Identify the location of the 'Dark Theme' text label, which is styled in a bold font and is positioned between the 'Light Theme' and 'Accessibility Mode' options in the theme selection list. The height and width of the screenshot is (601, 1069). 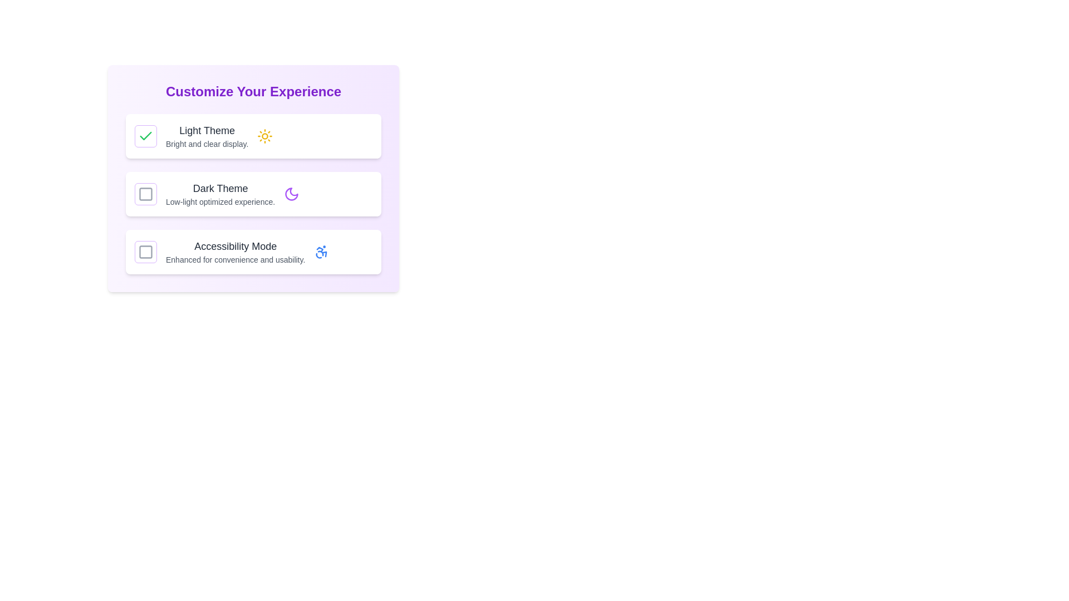
(220, 193).